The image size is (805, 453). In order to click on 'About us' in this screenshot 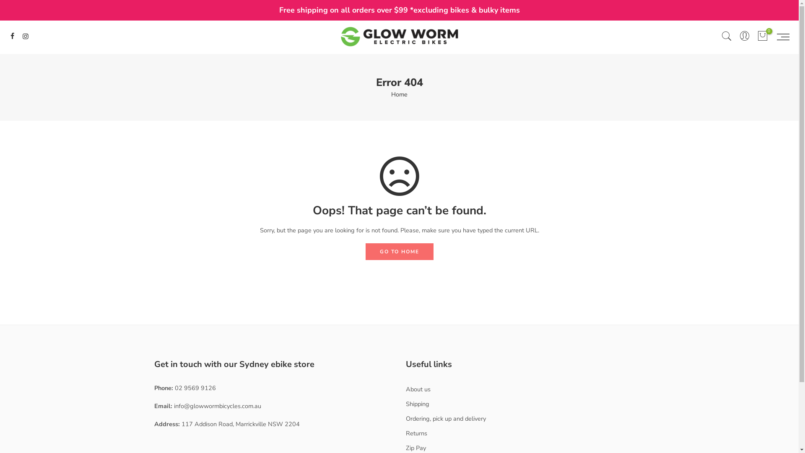, I will do `click(418, 389)`.